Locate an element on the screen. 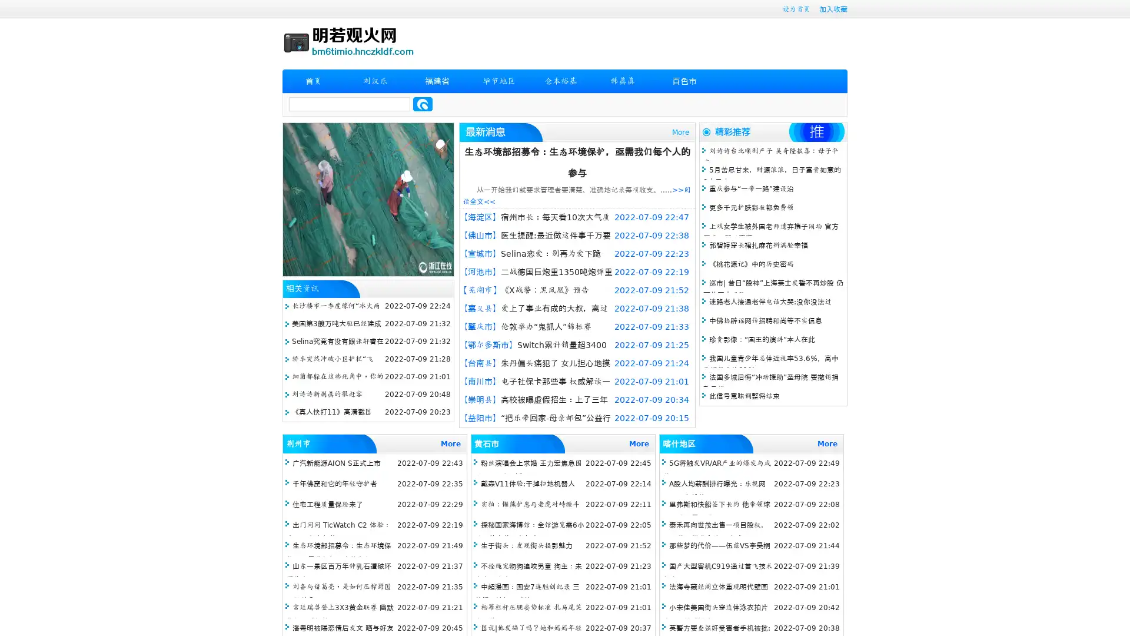  Search is located at coordinates (423, 104).